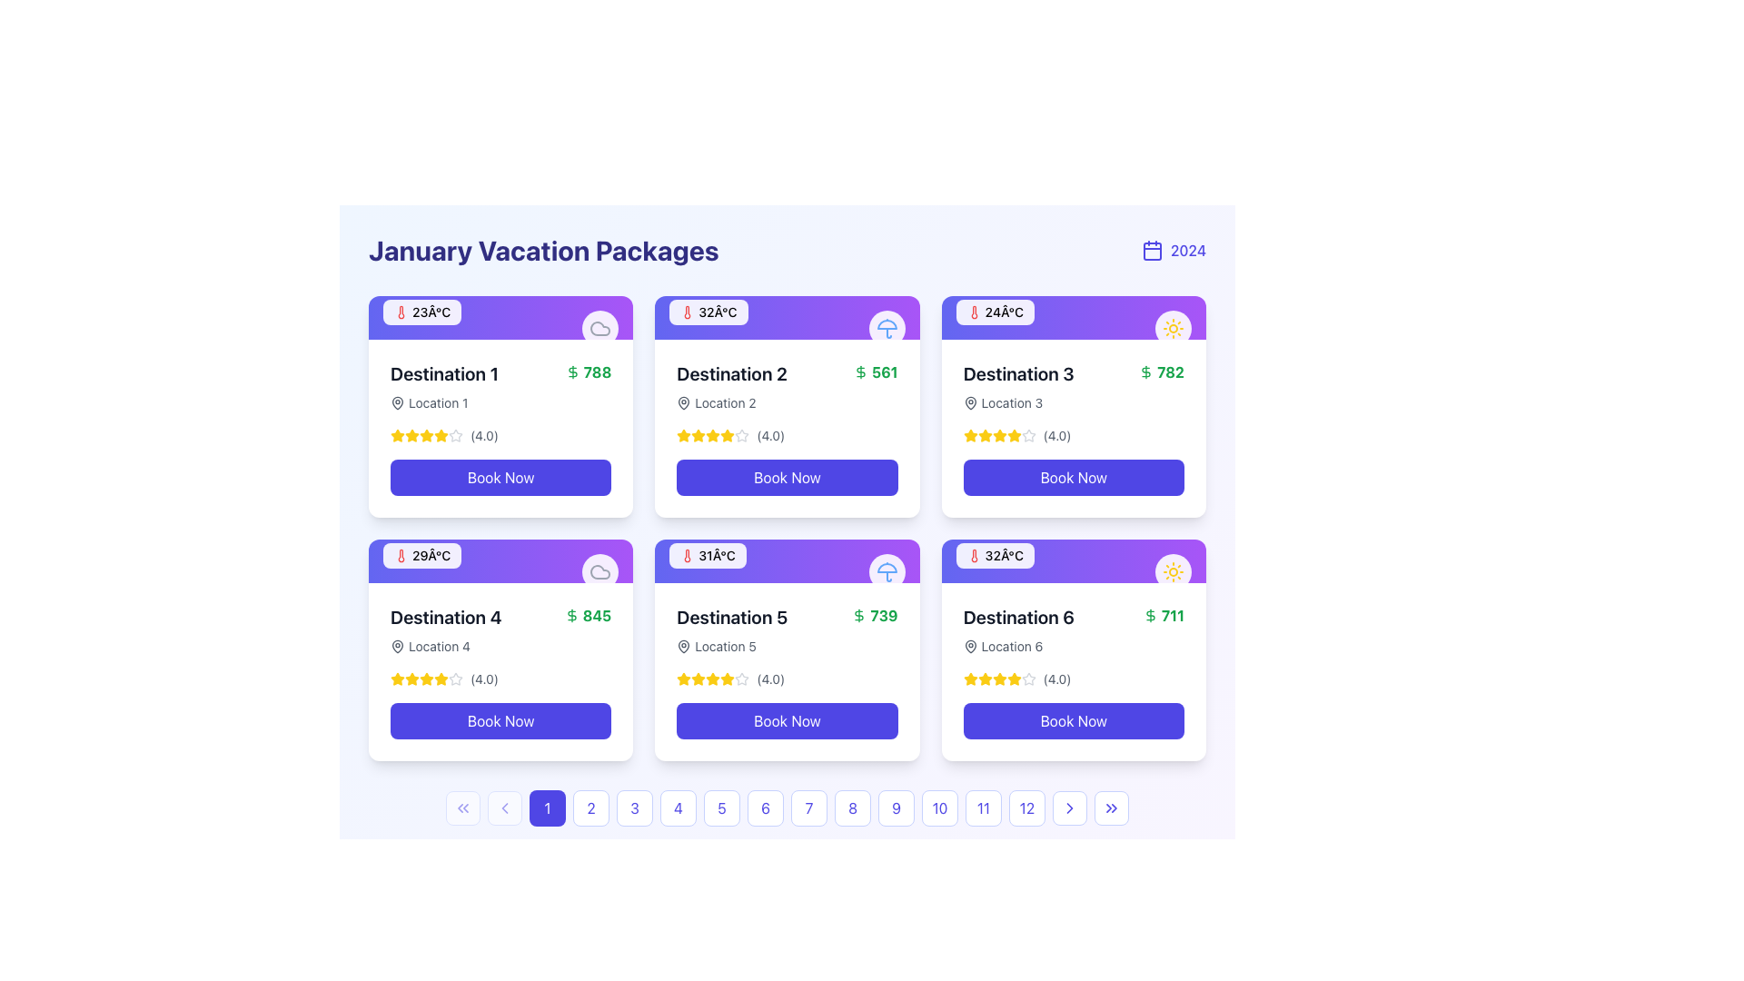 This screenshot has width=1744, height=981. Describe the element at coordinates (1028, 435) in the screenshot. I see `the fifth star icon in the five-star rating system located under the text 'Destination 3' in the top-right card of a six-card grid layout` at that location.